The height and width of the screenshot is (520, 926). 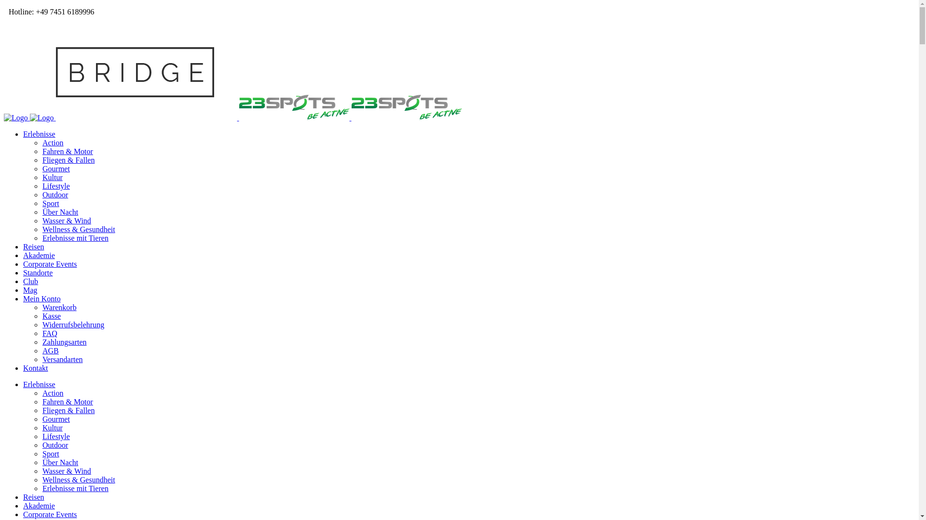 I want to click on 'Lifestyle', so click(x=41, y=436).